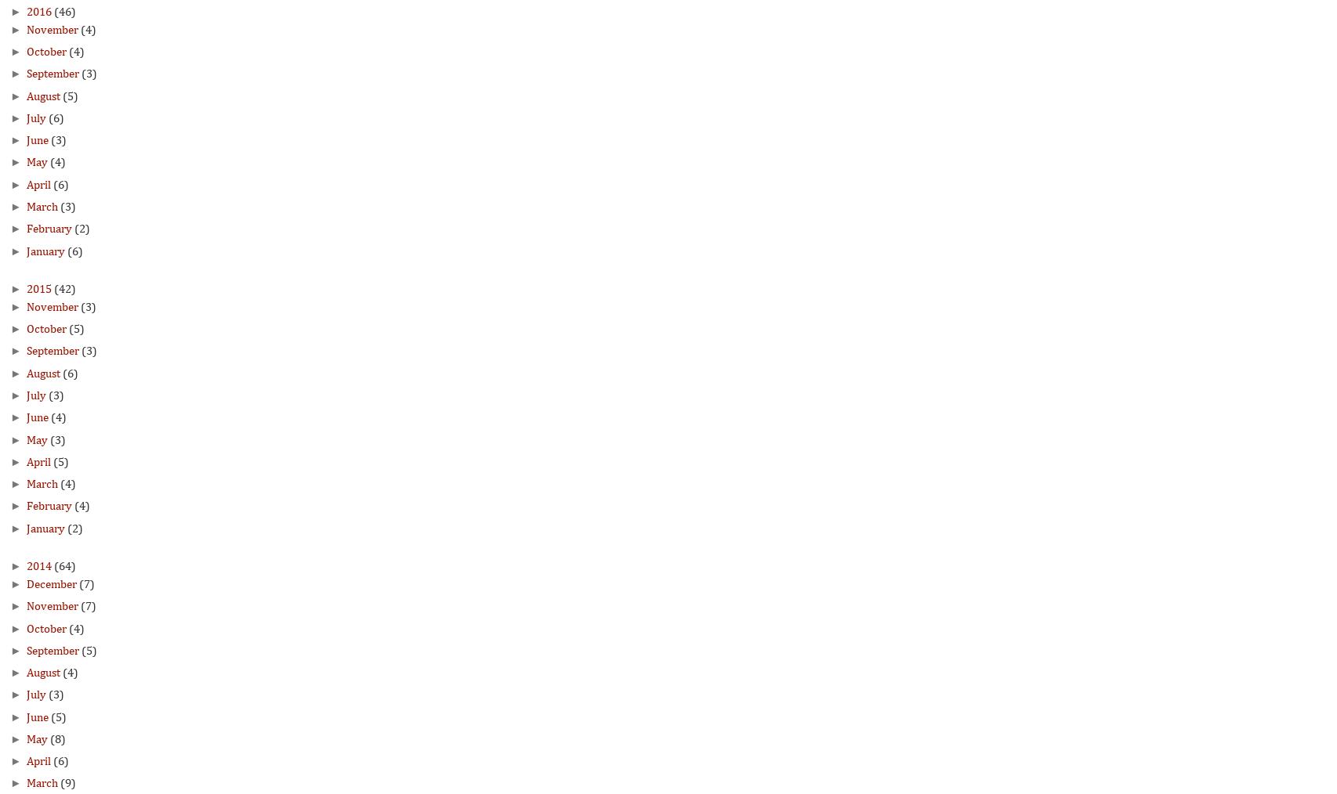 This screenshot has height=794, width=1337. Describe the element at coordinates (25, 583) in the screenshot. I see `'December'` at that location.